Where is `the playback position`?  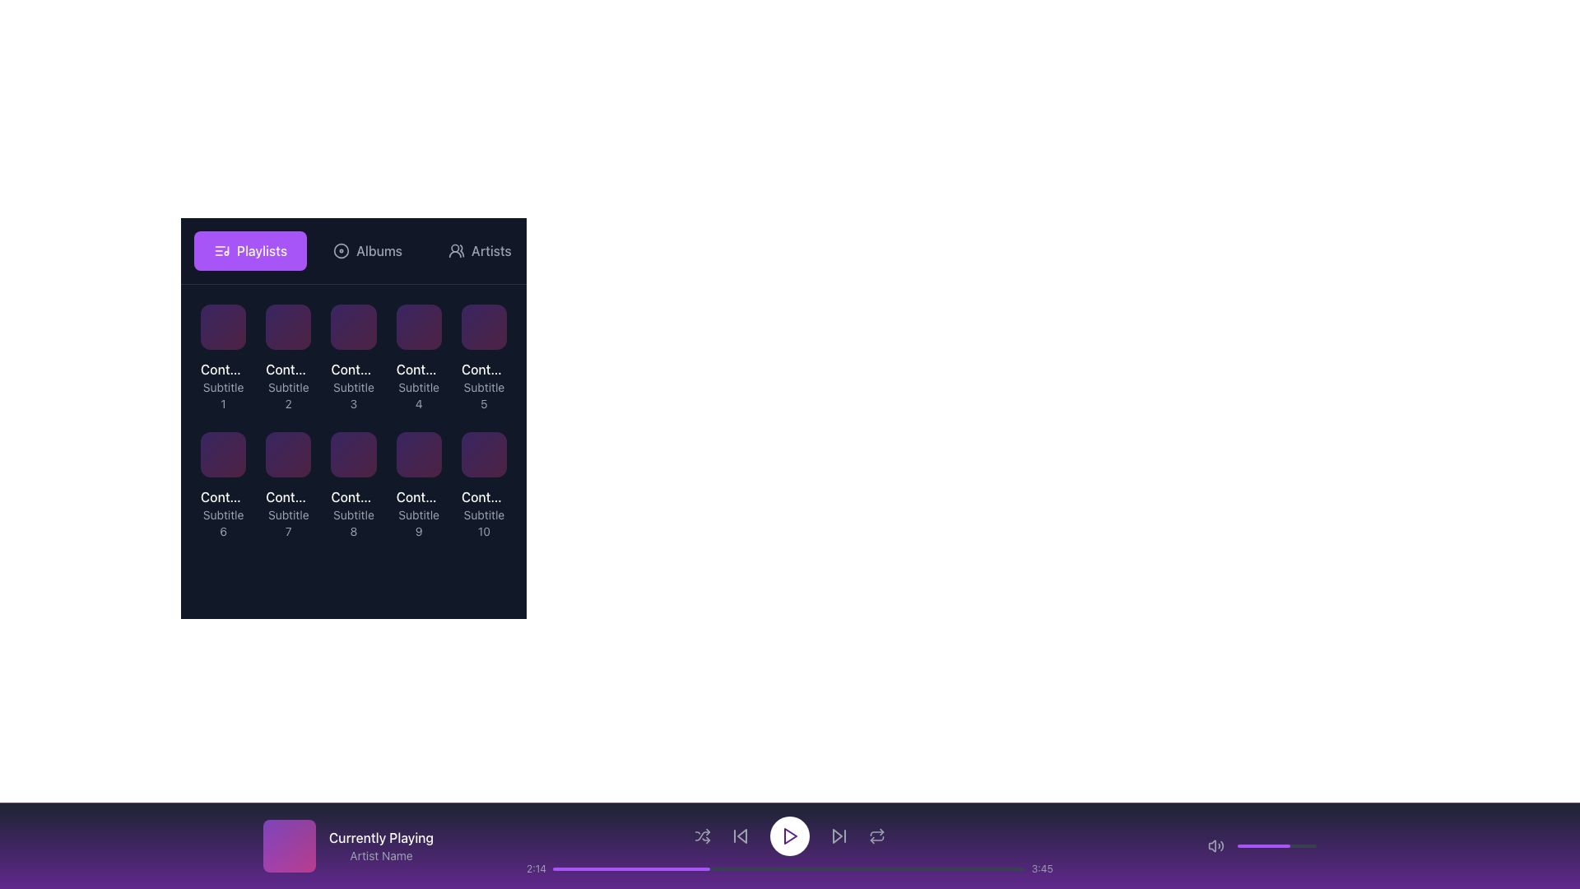 the playback position is located at coordinates (794, 868).